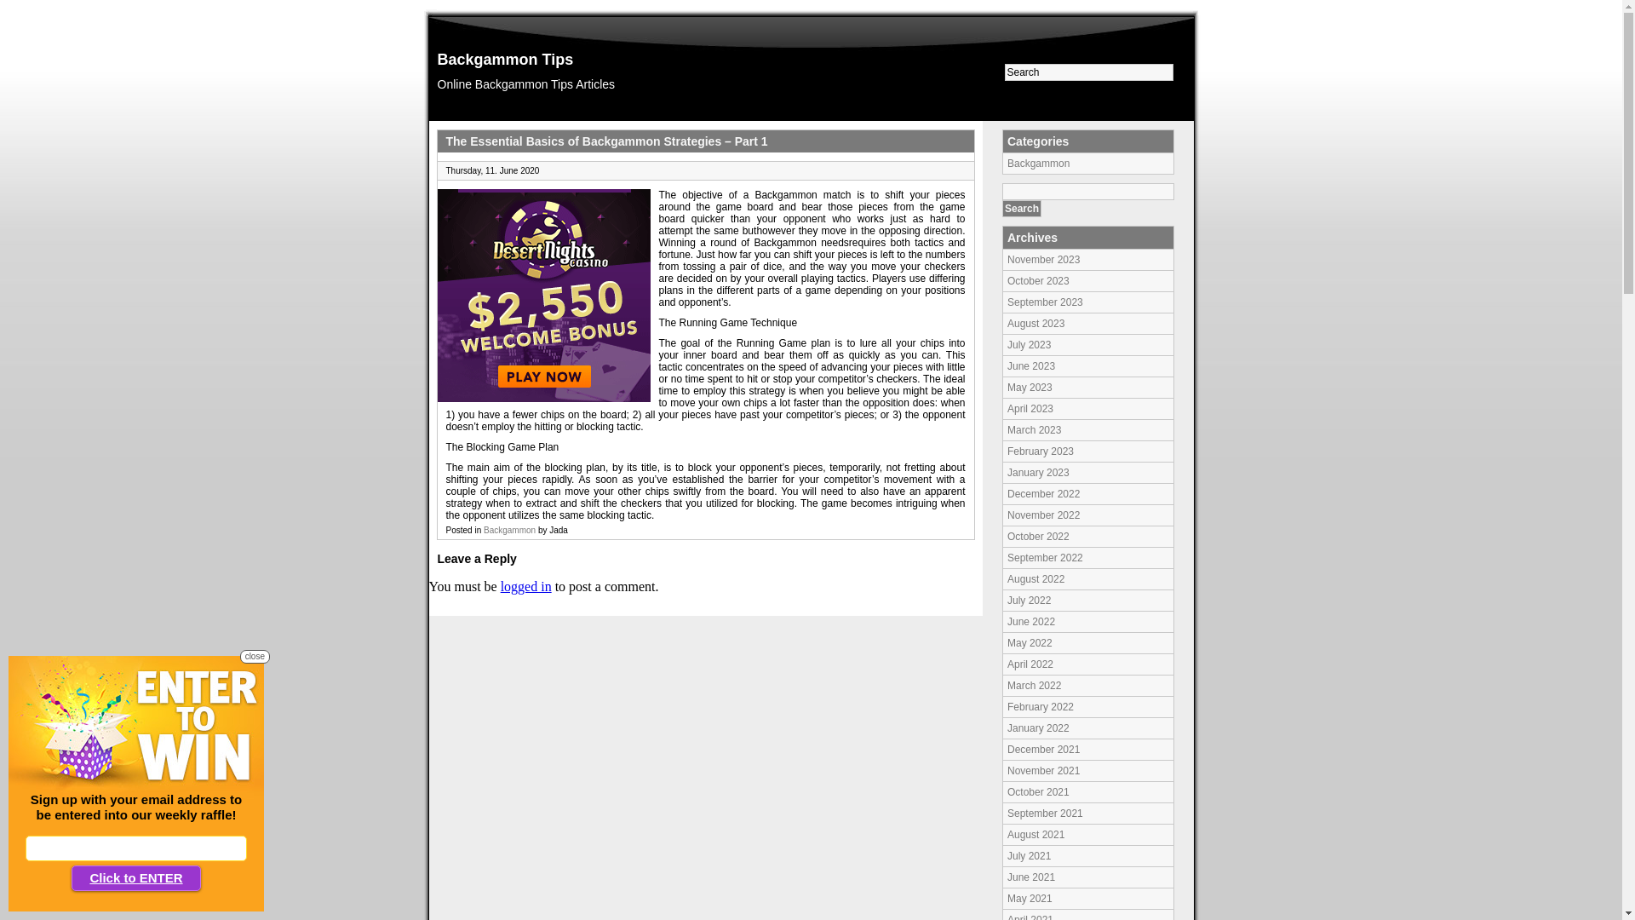 The width and height of the screenshot is (1635, 920). I want to click on 'October 2022', so click(1037, 535).